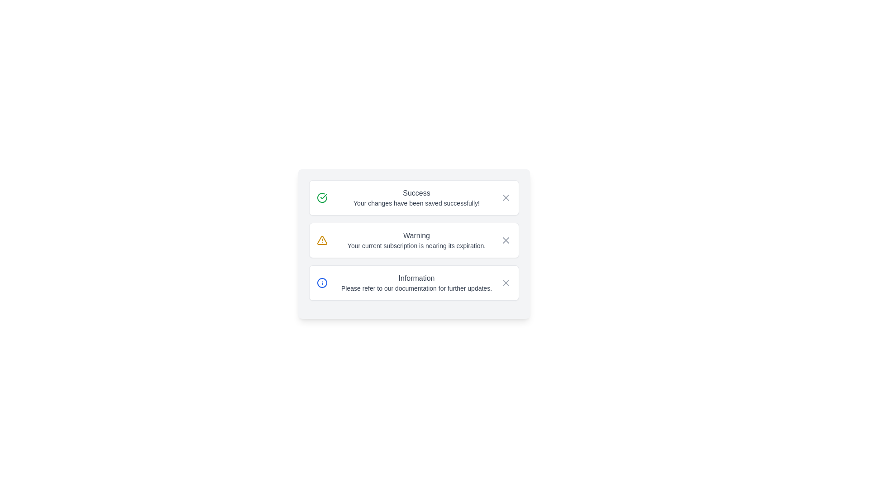  Describe the element at coordinates (416, 202) in the screenshot. I see `confirmation message displayed in a smaller font size stating 'Your changes have been saved successfully!' located below the bold 'Success' label in the notification box` at that location.